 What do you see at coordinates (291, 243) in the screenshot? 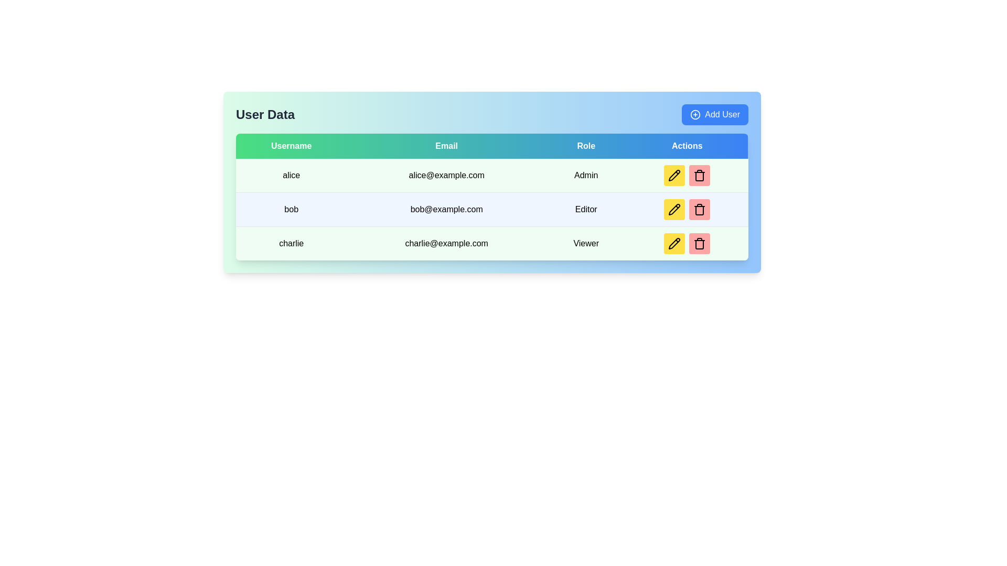
I see `the label displaying 'charlie' in the 'Username' column of the data table` at bounding box center [291, 243].